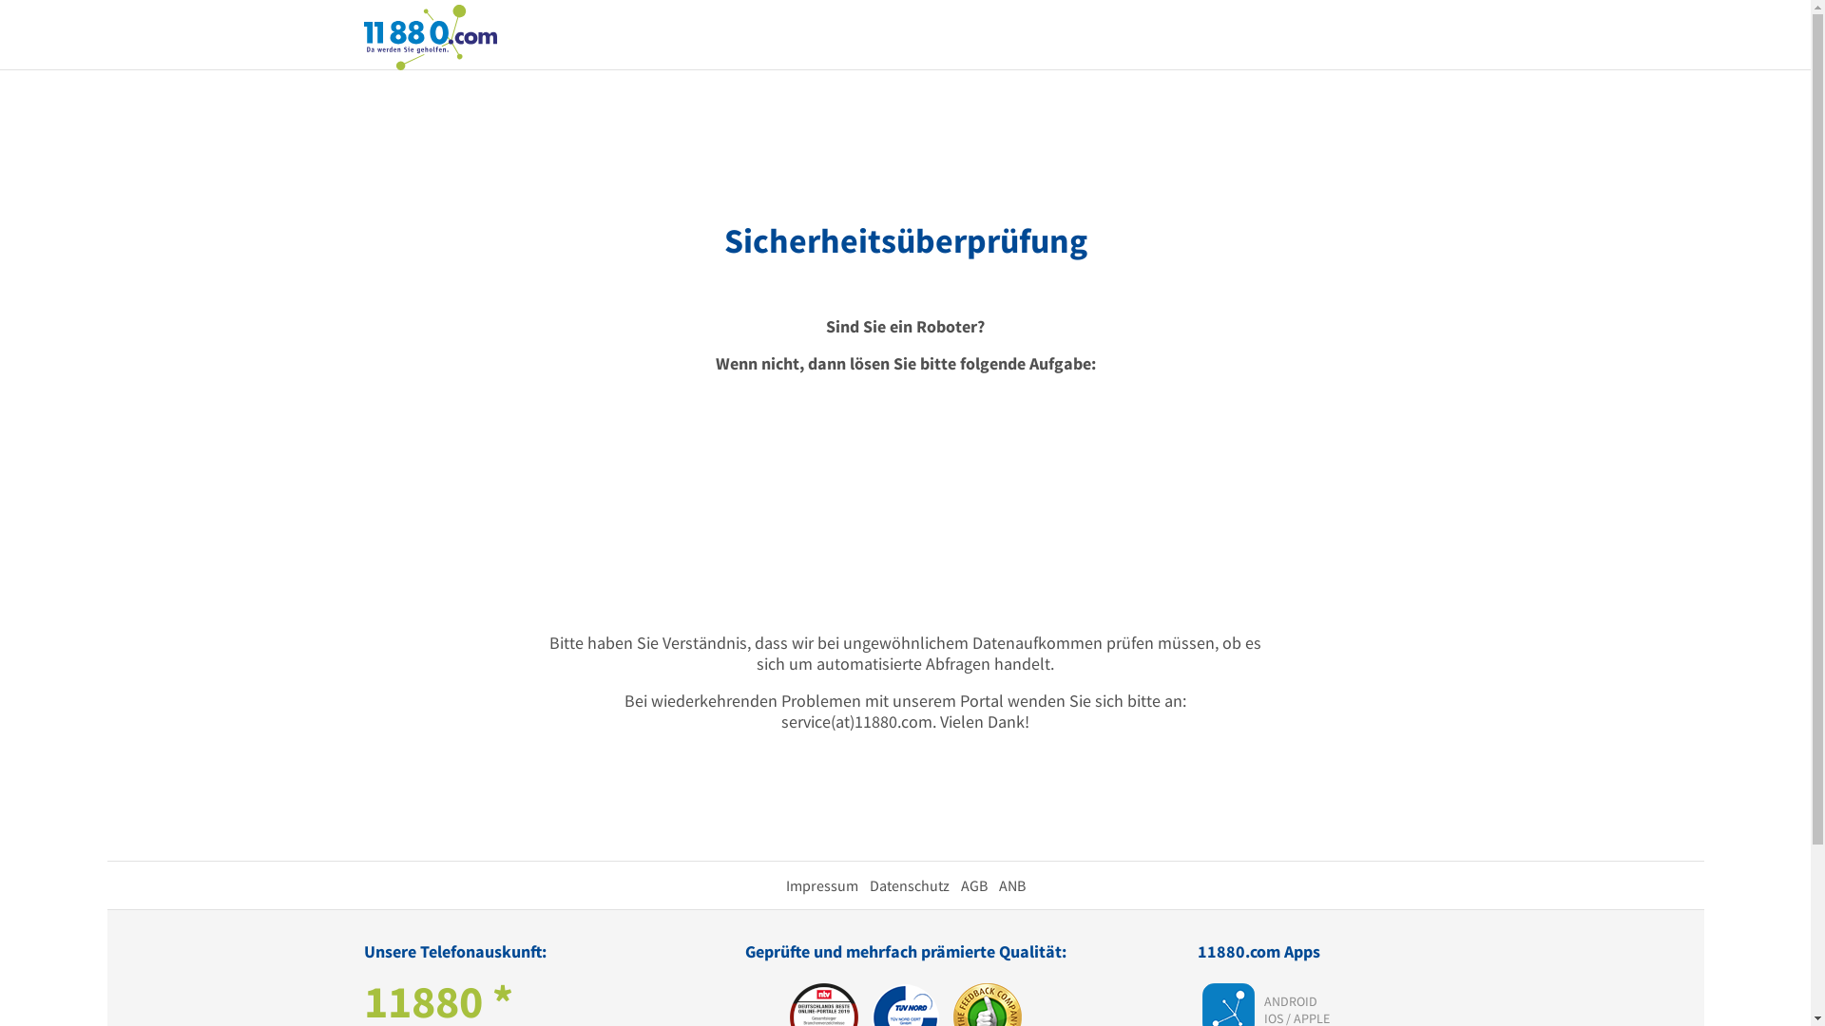 This screenshot has width=1825, height=1026. Describe the element at coordinates (972, 885) in the screenshot. I see `'AGB'` at that location.